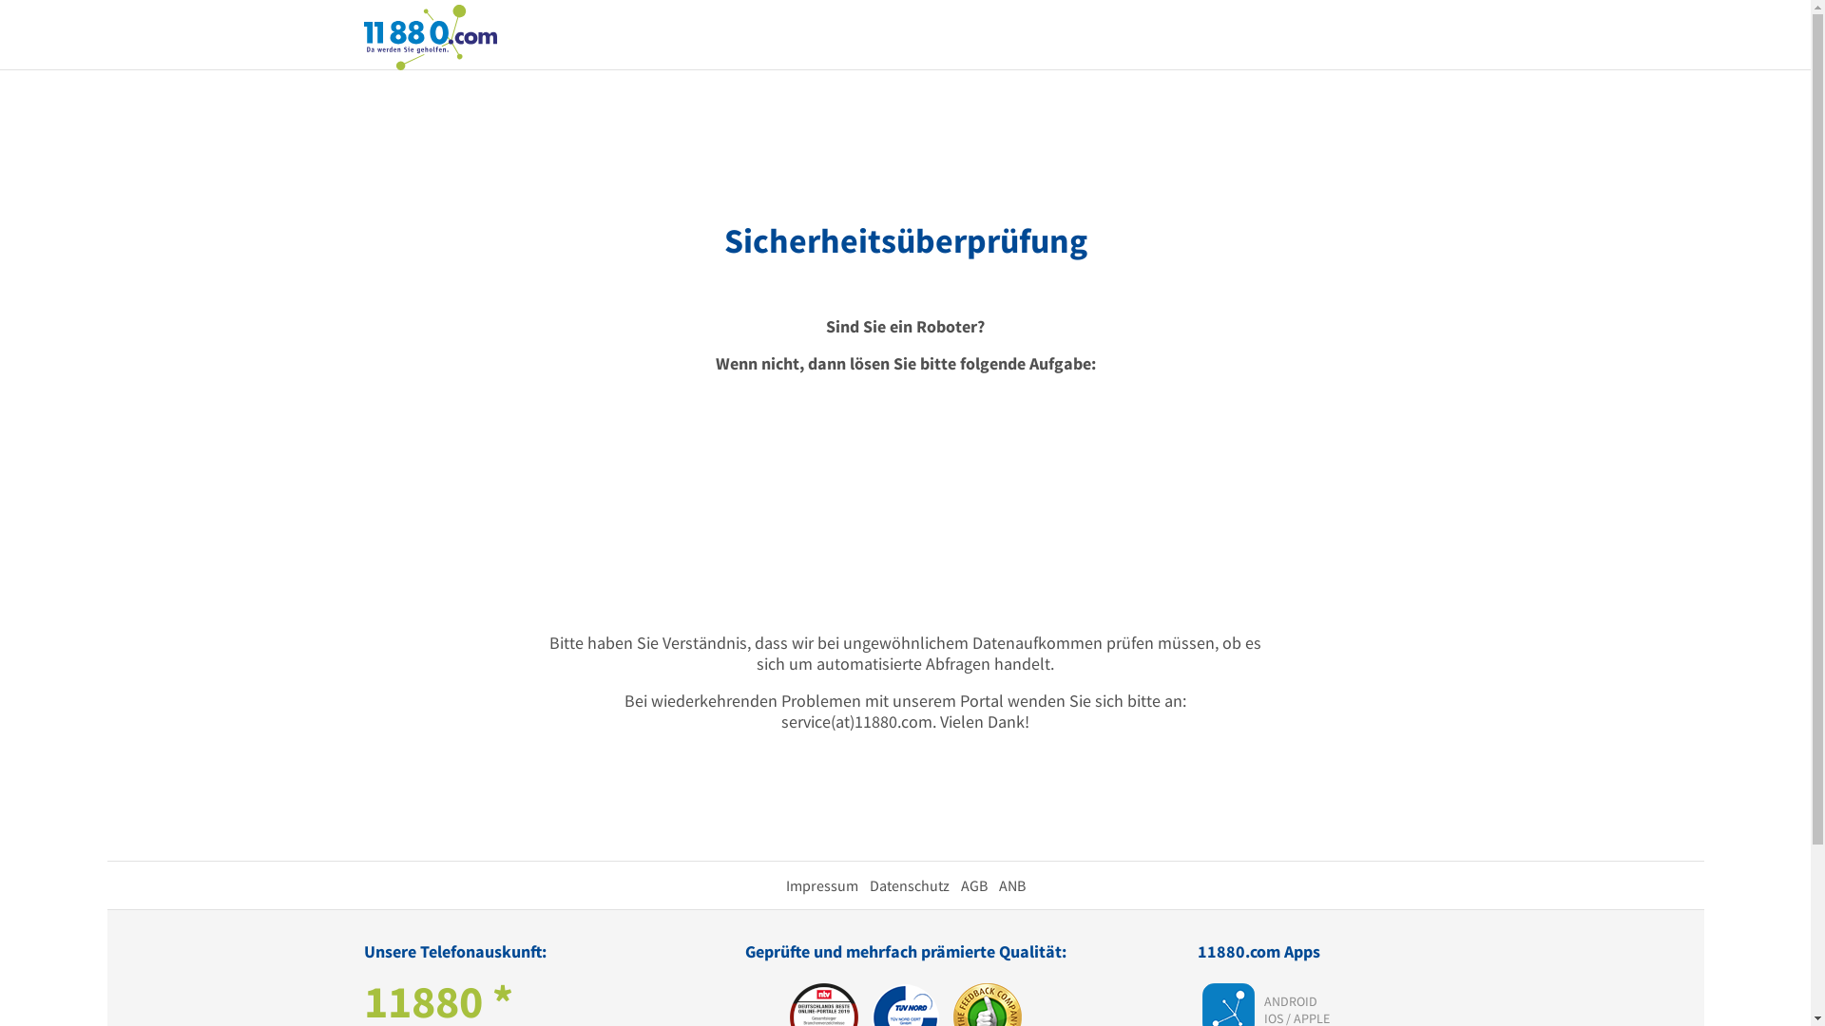 This screenshot has width=1825, height=1026. Describe the element at coordinates (972, 885) in the screenshot. I see `'AGB'` at that location.